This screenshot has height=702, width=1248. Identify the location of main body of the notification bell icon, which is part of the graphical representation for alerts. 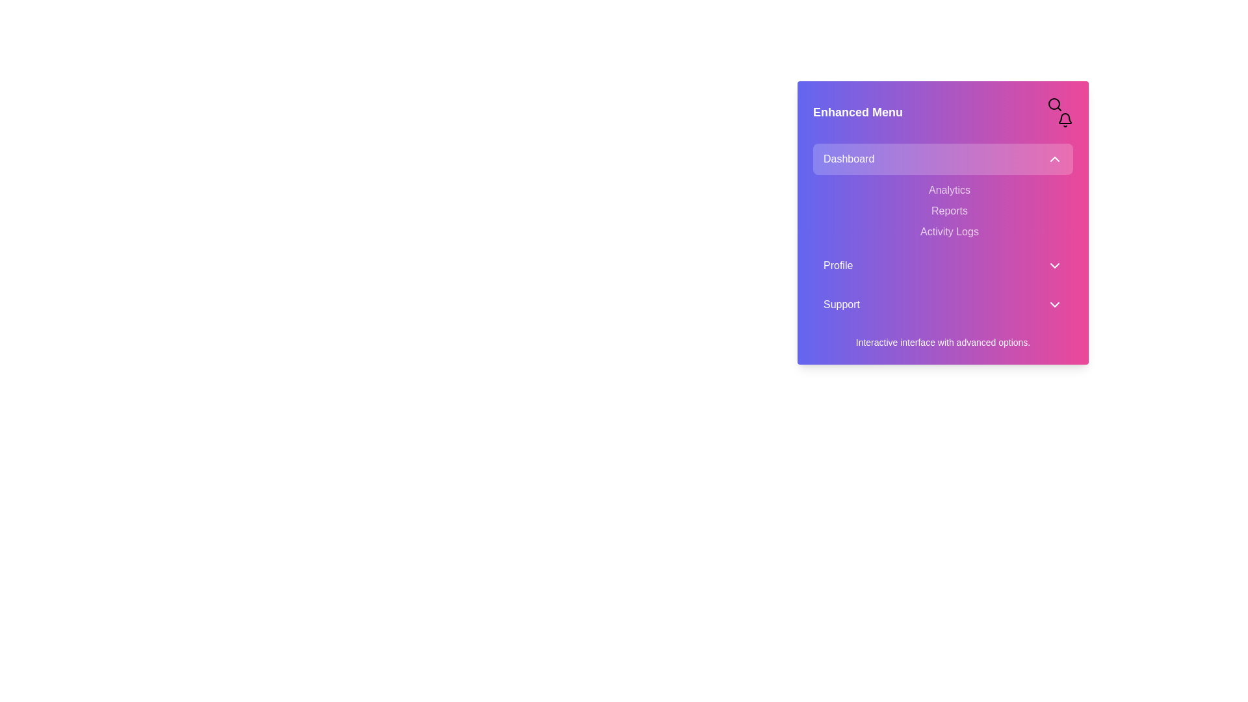
(1065, 118).